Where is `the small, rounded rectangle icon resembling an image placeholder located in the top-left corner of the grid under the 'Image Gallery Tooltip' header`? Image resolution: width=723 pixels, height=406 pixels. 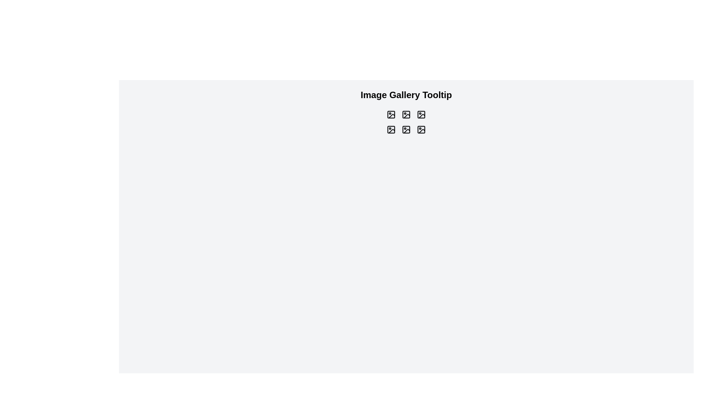
the small, rounded rectangle icon resembling an image placeholder located in the top-left corner of the grid under the 'Image Gallery Tooltip' header is located at coordinates (391, 114).